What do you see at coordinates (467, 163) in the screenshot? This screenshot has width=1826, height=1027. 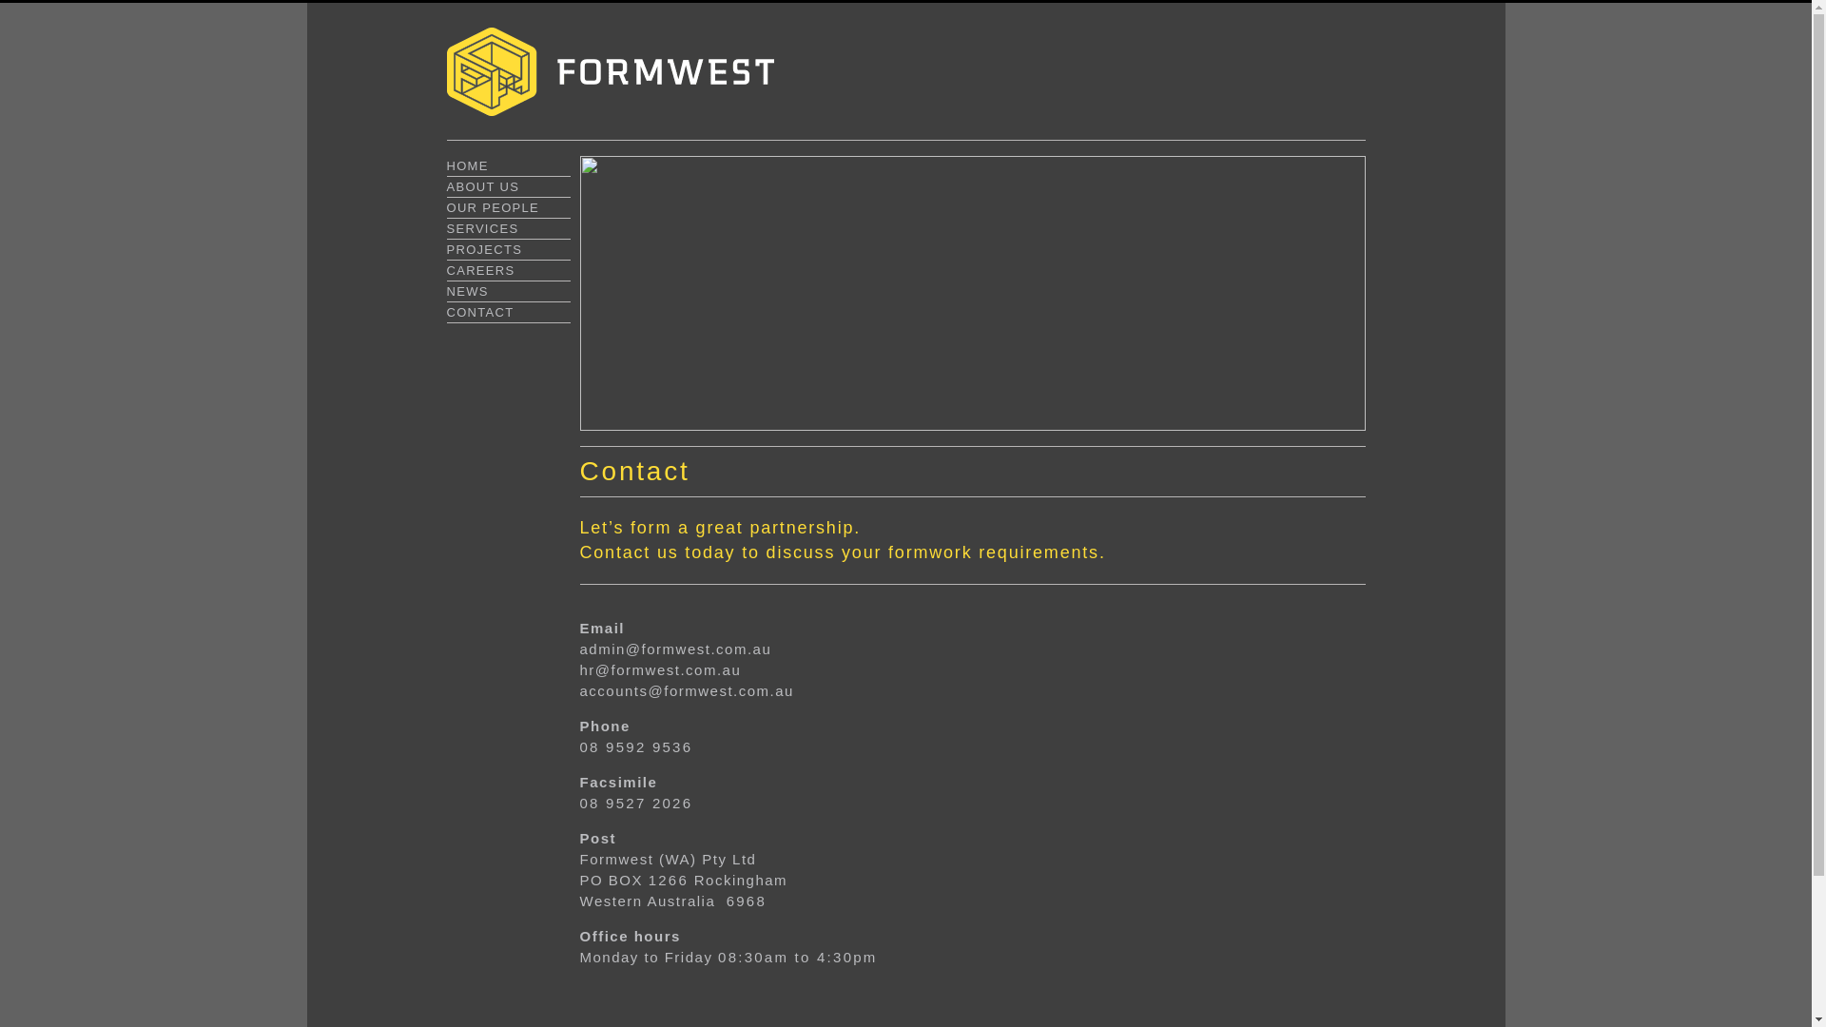 I see `'HOME'` at bounding box center [467, 163].